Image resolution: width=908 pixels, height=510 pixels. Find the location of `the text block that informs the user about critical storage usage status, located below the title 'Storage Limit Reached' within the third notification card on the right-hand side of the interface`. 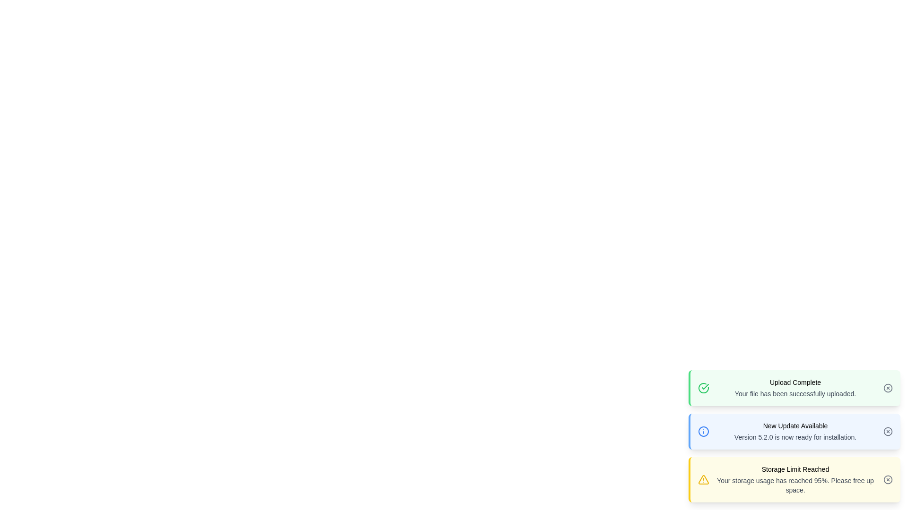

the text block that informs the user about critical storage usage status, located below the title 'Storage Limit Reached' within the third notification card on the right-hand side of the interface is located at coordinates (794, 485).